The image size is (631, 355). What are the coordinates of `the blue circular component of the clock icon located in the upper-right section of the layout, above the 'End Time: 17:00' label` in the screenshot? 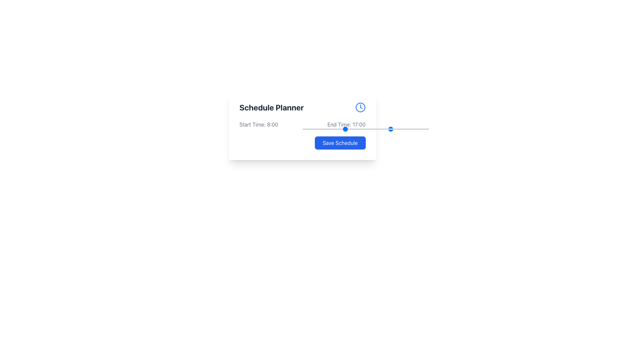 It's located at (360, 107).